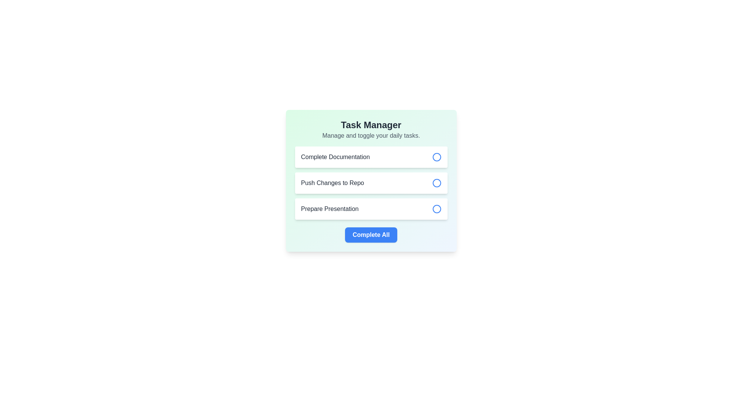 The height and width of the screenshot is (412, 732). What do you see at coordinates (371, 235) in the screenshot?
I see `the 'Complete All' button with blue background and white text to observe the background color change` at bounding box center [371, 235].